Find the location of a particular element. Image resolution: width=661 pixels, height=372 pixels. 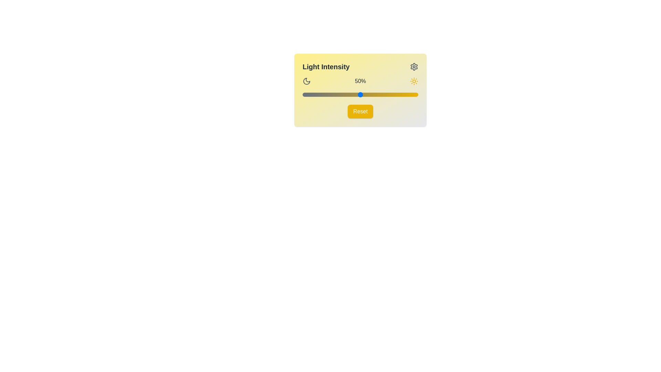

the brightness slider to 69% is located at coordinates (382, 94).